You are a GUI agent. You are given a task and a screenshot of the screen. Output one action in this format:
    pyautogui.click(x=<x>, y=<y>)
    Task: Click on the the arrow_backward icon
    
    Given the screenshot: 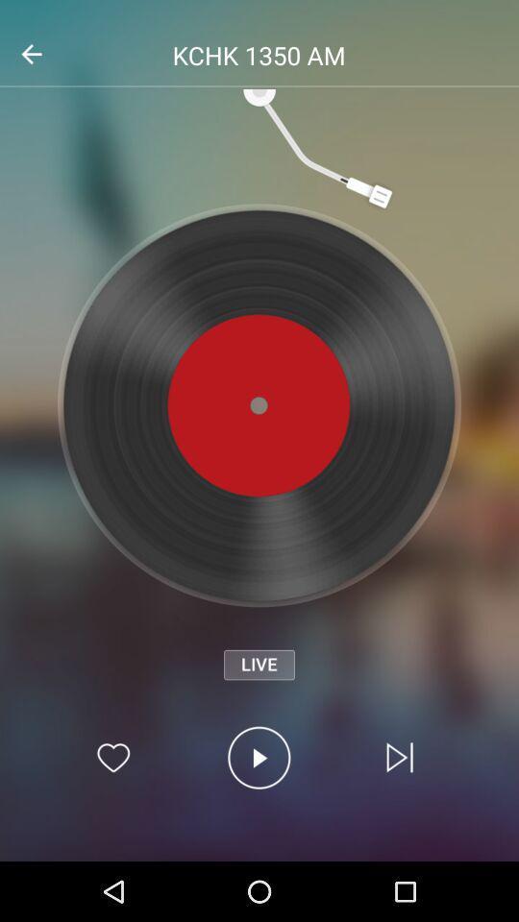 What is the action you would take?
    pyautogui.click(x=30, y=53)
    